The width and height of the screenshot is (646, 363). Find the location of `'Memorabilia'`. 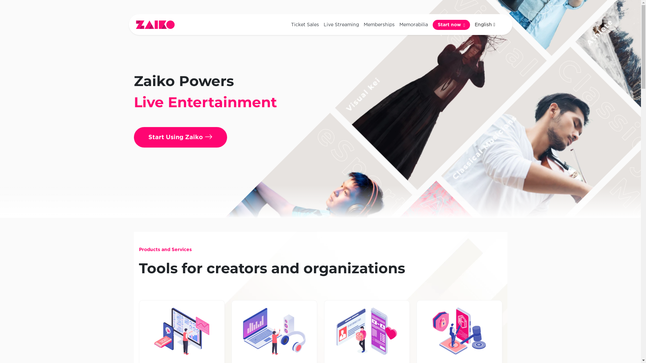

'Memorabilia' is located at coordinates (397, 24).